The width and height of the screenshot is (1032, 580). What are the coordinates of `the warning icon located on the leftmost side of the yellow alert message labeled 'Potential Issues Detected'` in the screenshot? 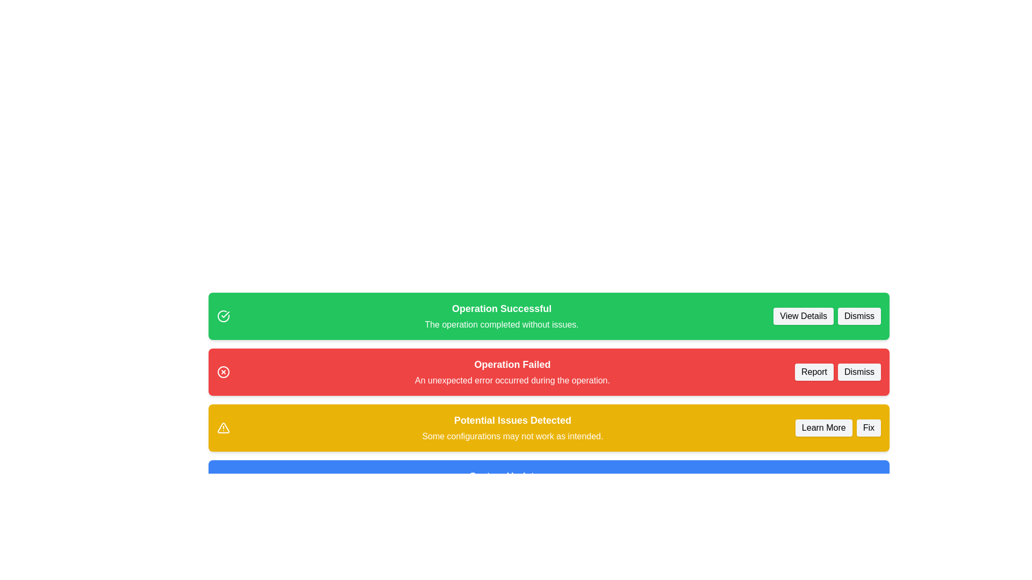 It's located at (223, 427).